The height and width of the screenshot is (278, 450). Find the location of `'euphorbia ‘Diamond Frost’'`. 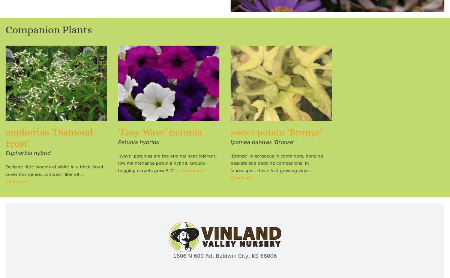

'euphorbia ‘Diamond Frost’' is located at coordinates (6, 138).